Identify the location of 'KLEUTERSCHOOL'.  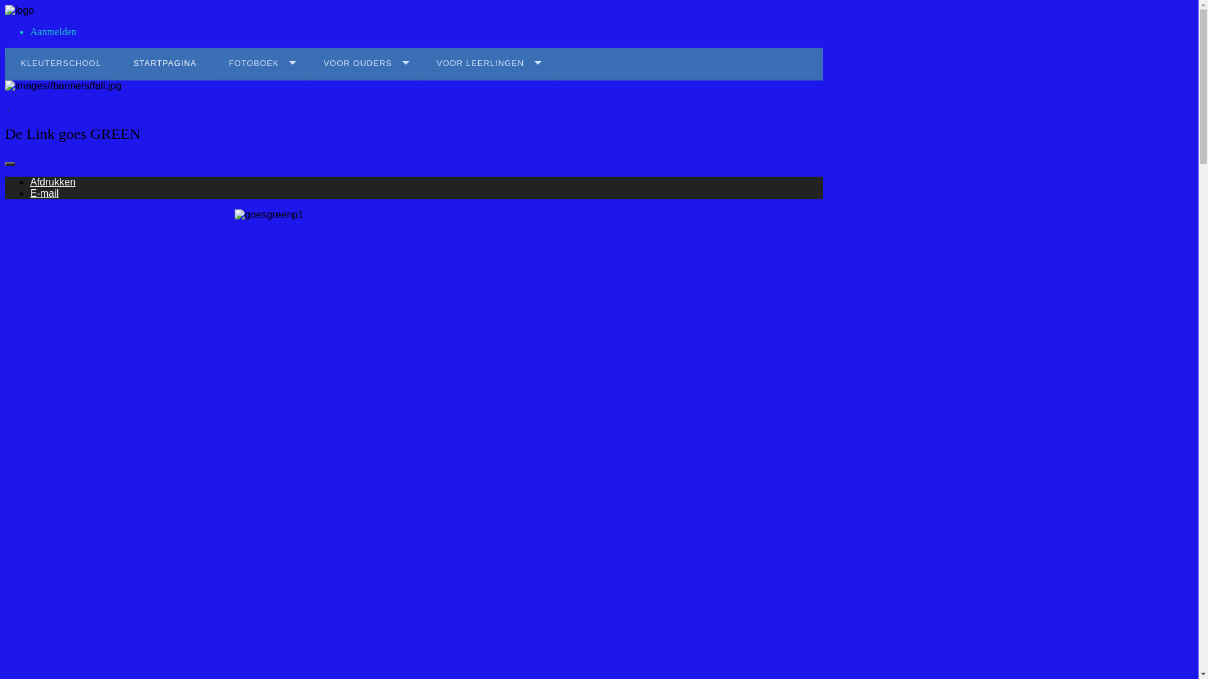
(60, 63).